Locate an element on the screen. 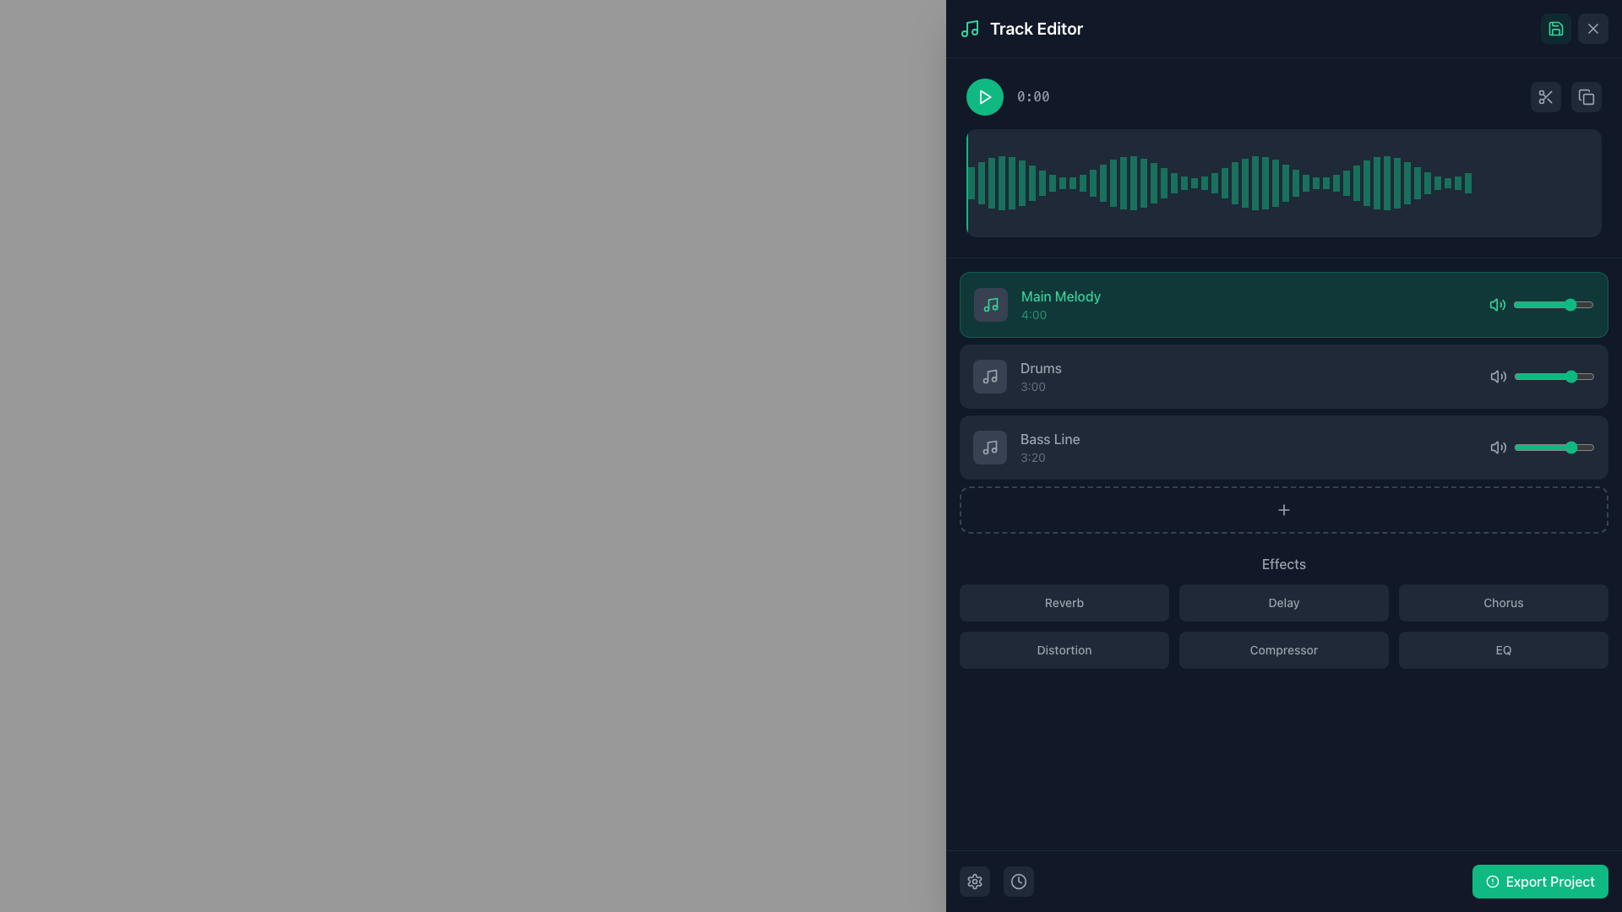 This screenshot has height=912, width=1622. the export button located at the bottom-right corner of the interface is located at coordinates (1284, 881).